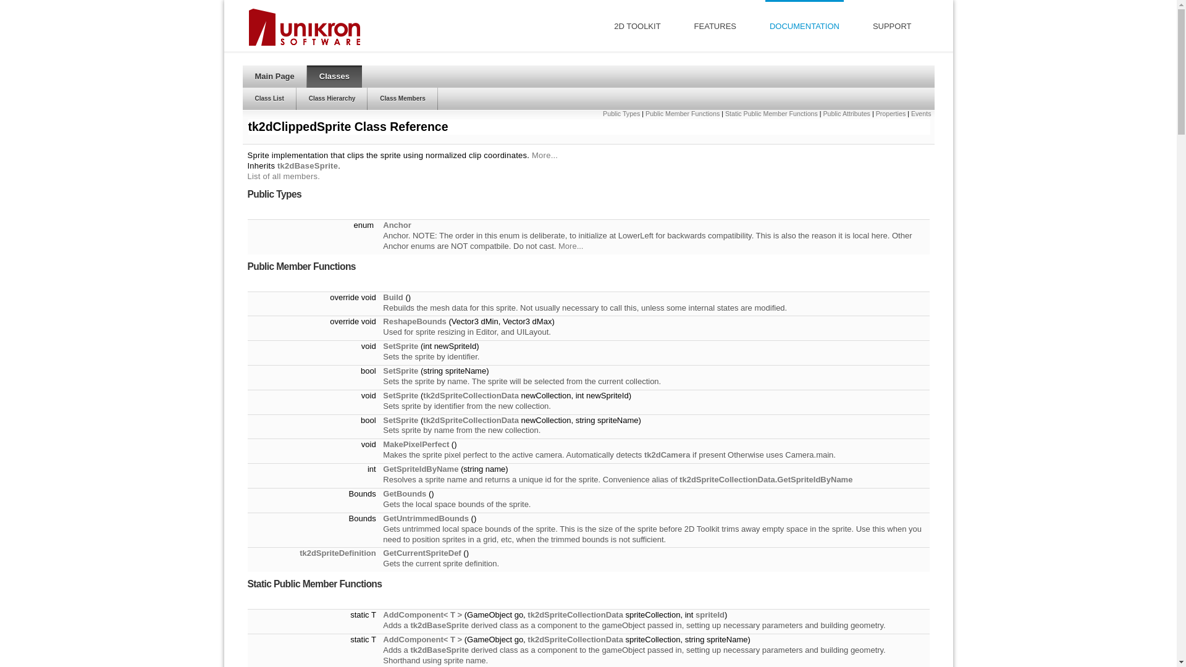 The height and width of the screenshot is (667, 1186). Describe the element at coordinates (392, 297) in the screenshot. I see `'Build'` at that location.